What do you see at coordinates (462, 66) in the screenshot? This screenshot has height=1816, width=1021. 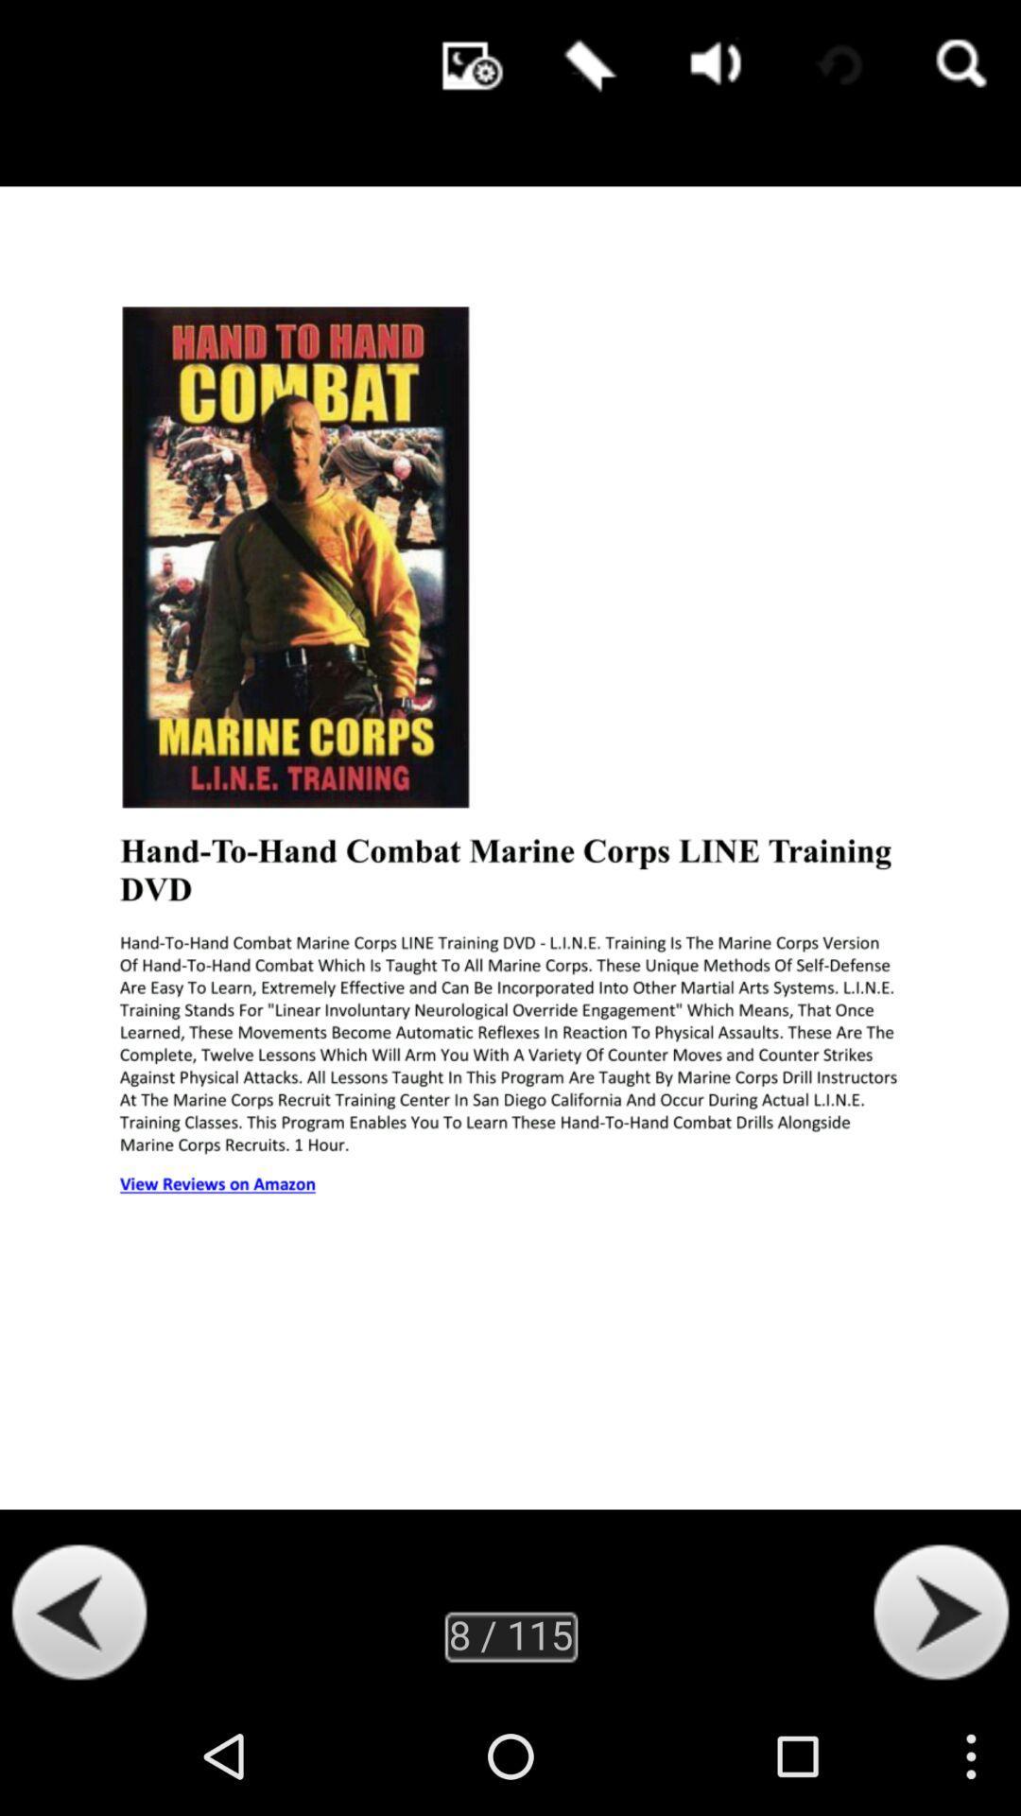 I see `the wallpaper icon` at bounding box center [462, 66].